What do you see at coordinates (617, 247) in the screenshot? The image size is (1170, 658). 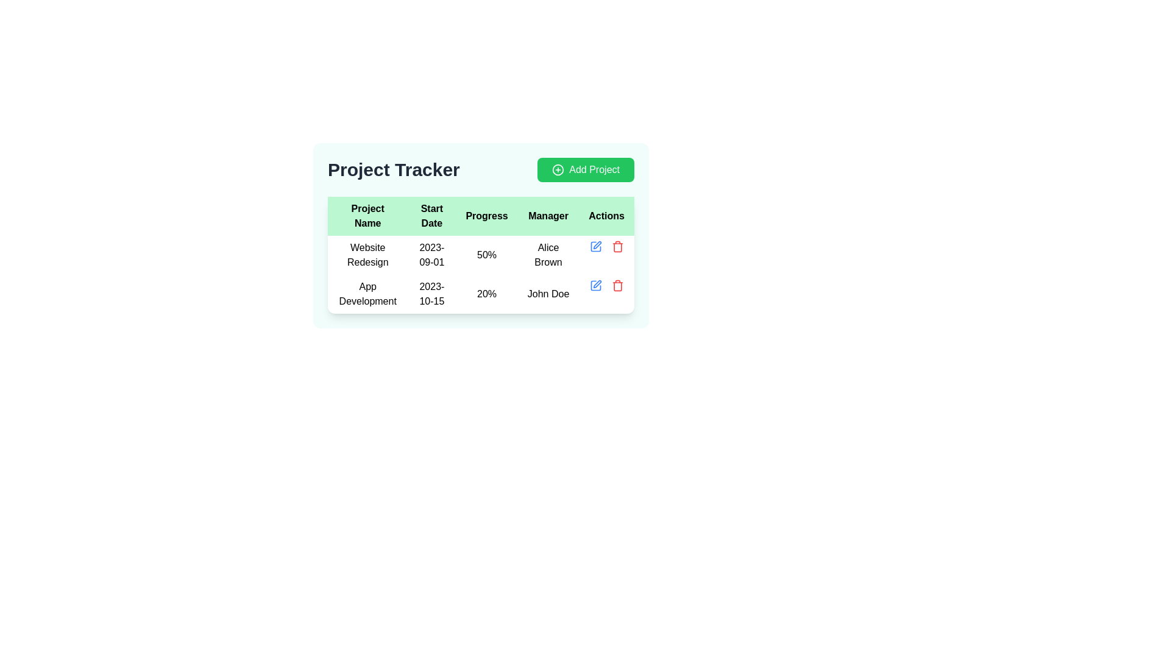 I see `the delete button icon (trash can) located in the actions column of the 'App Development' project row to trigger the tooltip effect` at bounding box center [617, 247].